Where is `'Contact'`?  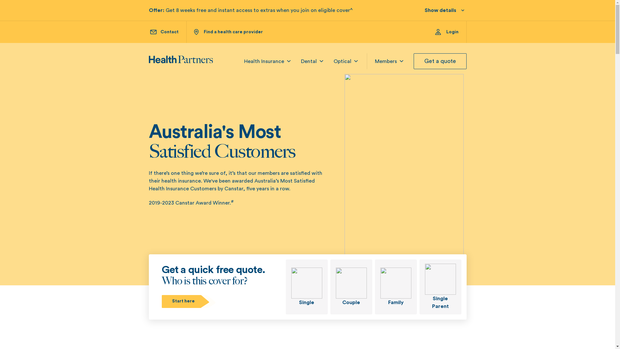
'Contact' is located at coordinates (164, 32).